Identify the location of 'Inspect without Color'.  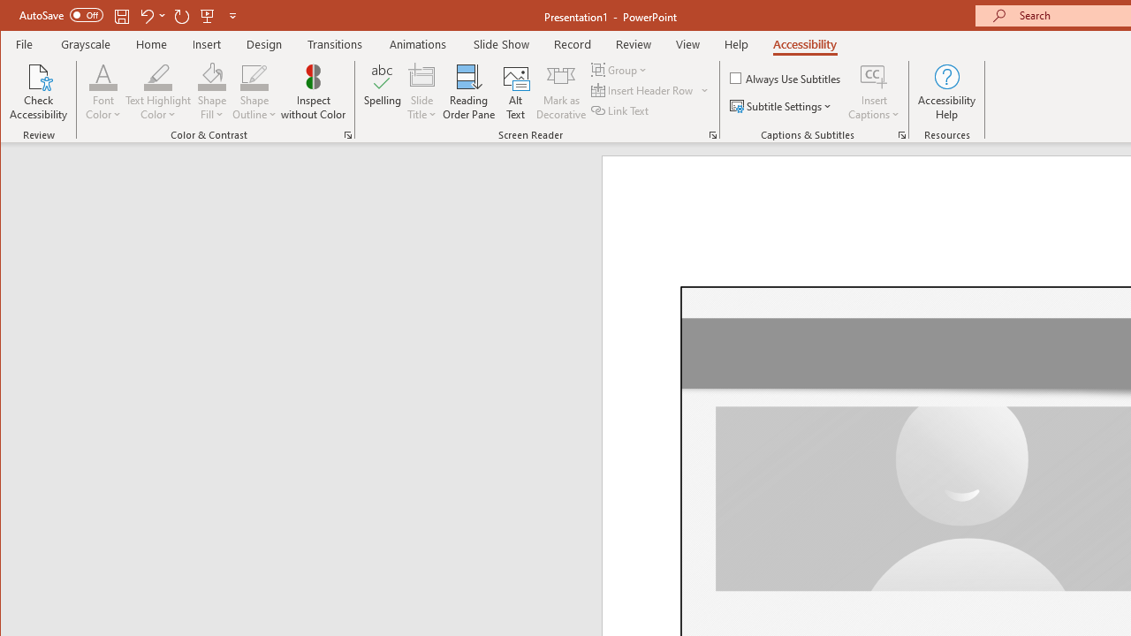
(314, 92).